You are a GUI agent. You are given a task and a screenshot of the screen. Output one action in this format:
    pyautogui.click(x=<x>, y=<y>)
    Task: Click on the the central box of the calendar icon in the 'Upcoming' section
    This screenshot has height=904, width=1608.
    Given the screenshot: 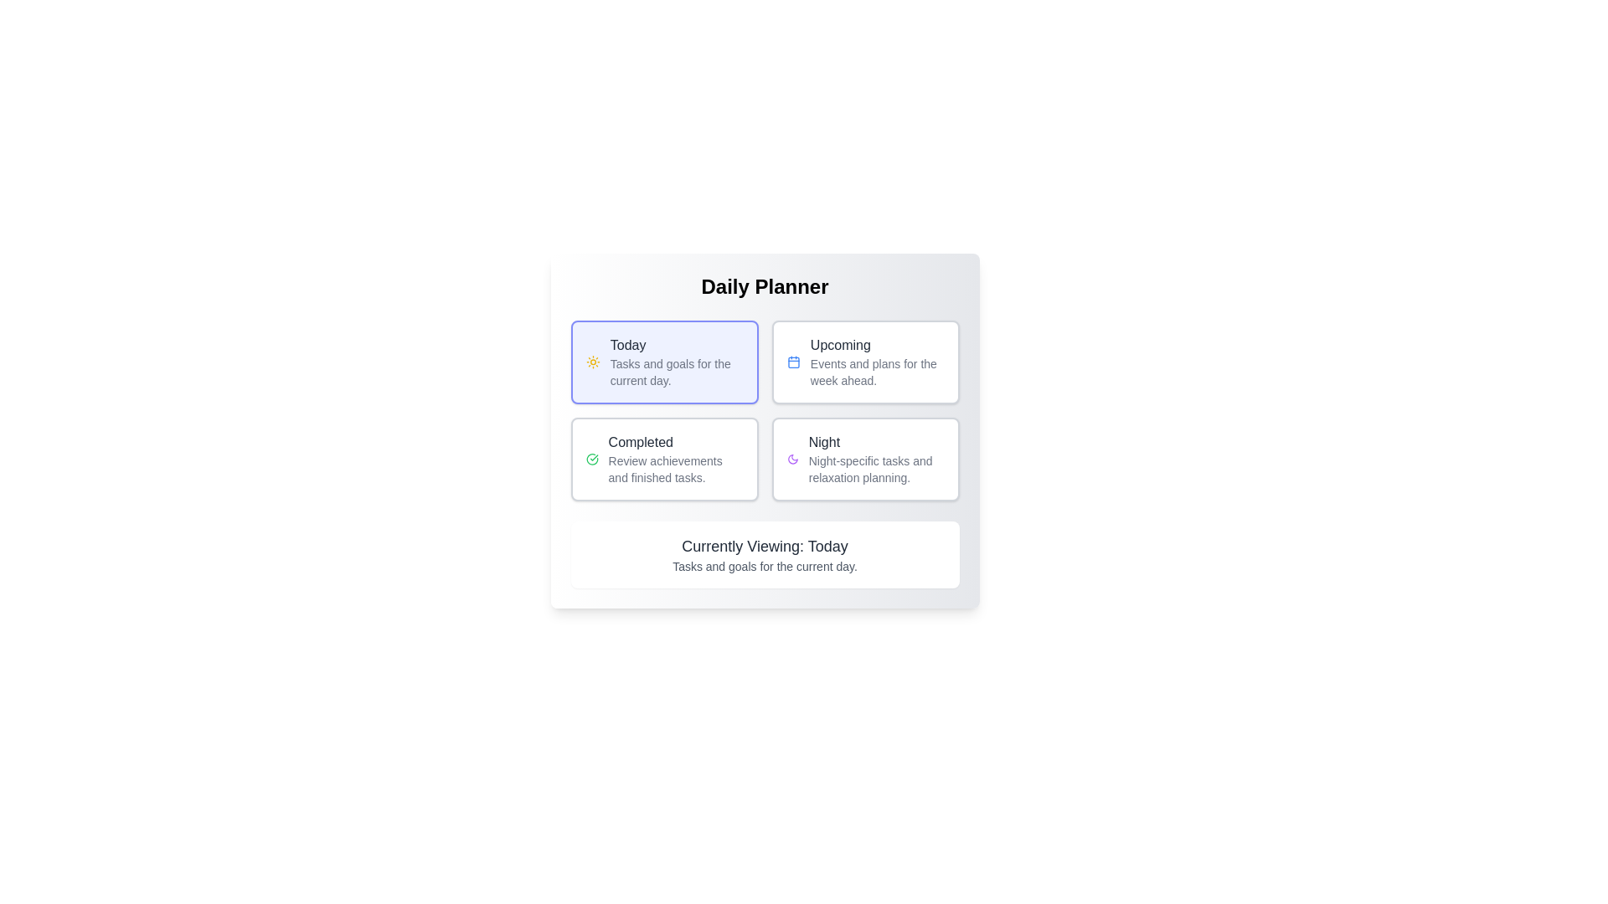 What is the action you would take?
    pyautogui.click(x=792, y=362)
    